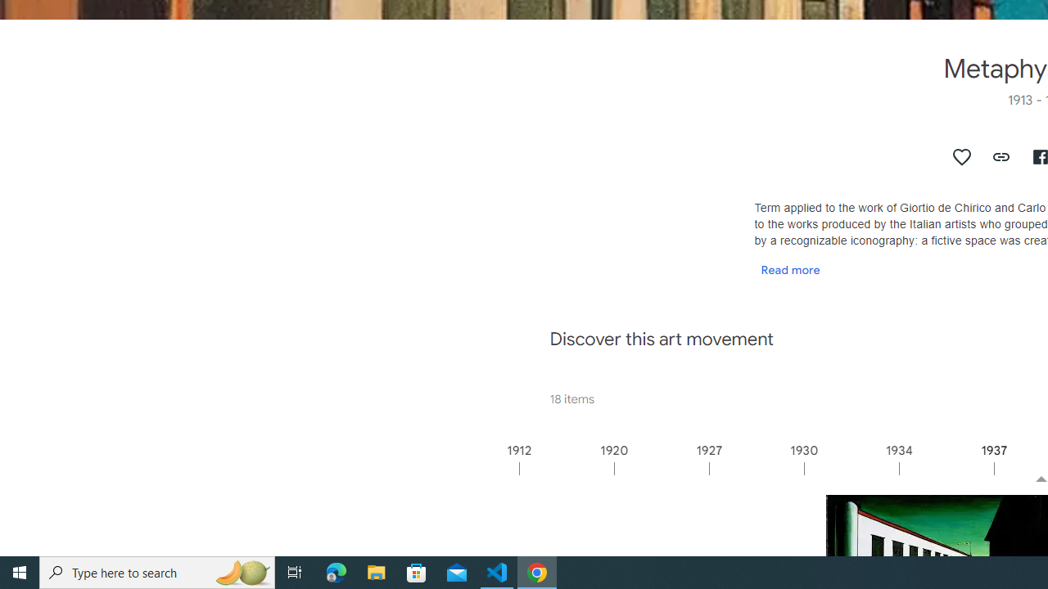  What do you see at coordinates (566, 468) in the screenshot?
I see `'1912'` at bounding box center [566, 468].